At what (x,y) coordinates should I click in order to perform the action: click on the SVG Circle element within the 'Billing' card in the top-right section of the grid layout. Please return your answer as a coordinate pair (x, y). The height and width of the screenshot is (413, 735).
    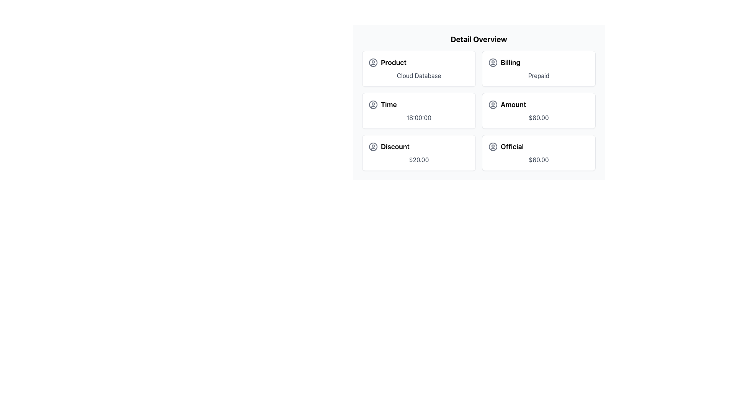
    Looking at the image, I should click on (493, 62).